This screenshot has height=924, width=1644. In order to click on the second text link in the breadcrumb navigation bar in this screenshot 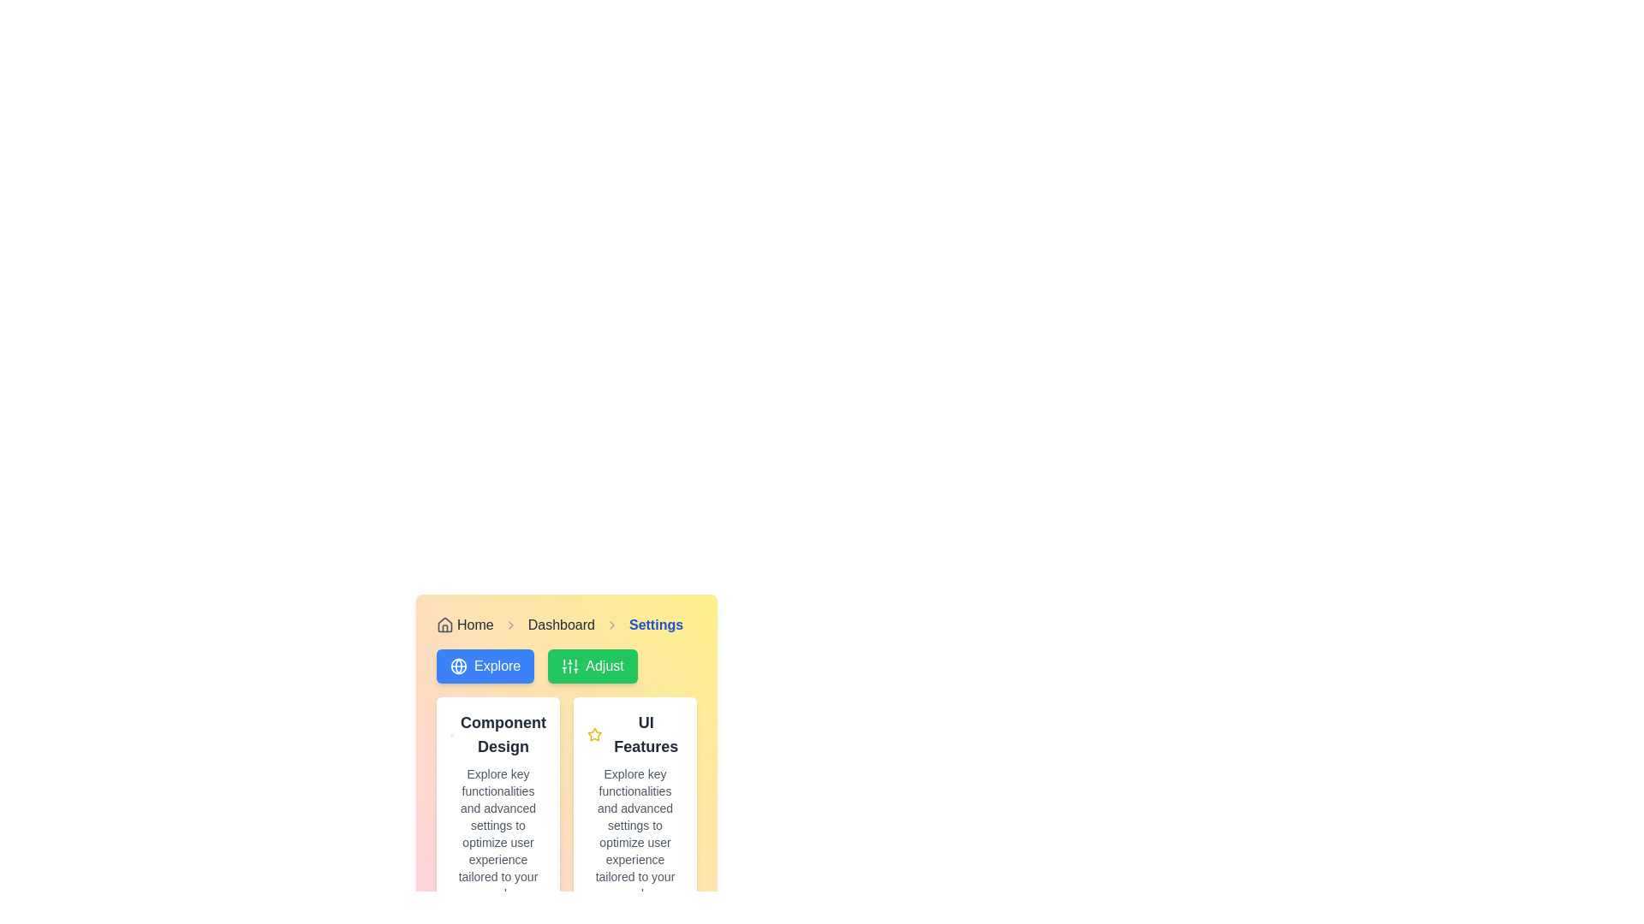, I will do `click(561, 625)`.